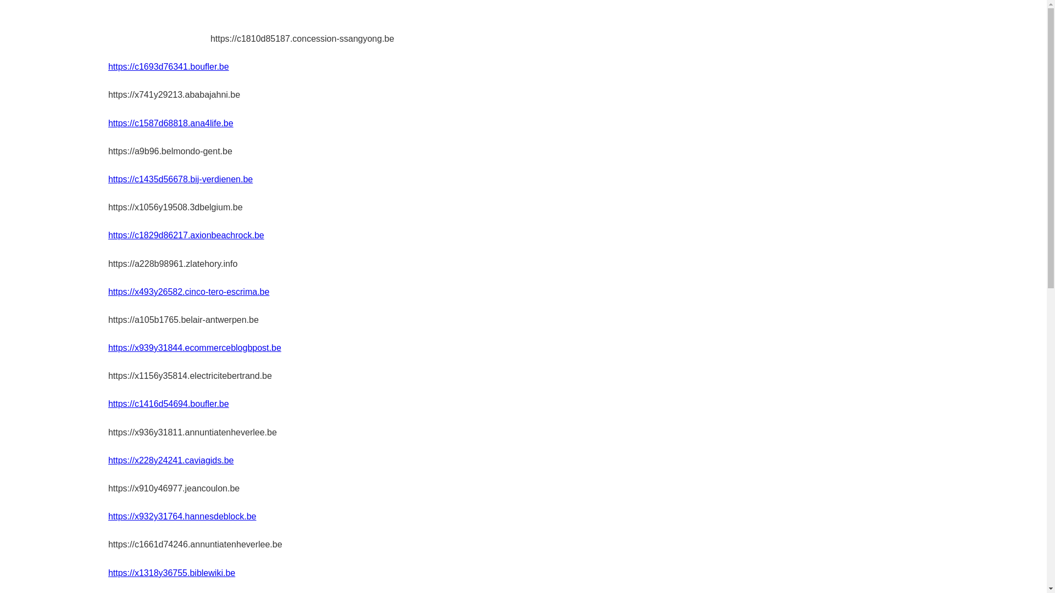  What do you see at coordinates (188, 291) in the screenshot?
I see `'https://x493y26582.cinco-tero-escrima.be'` at bounding box center [188, 291].